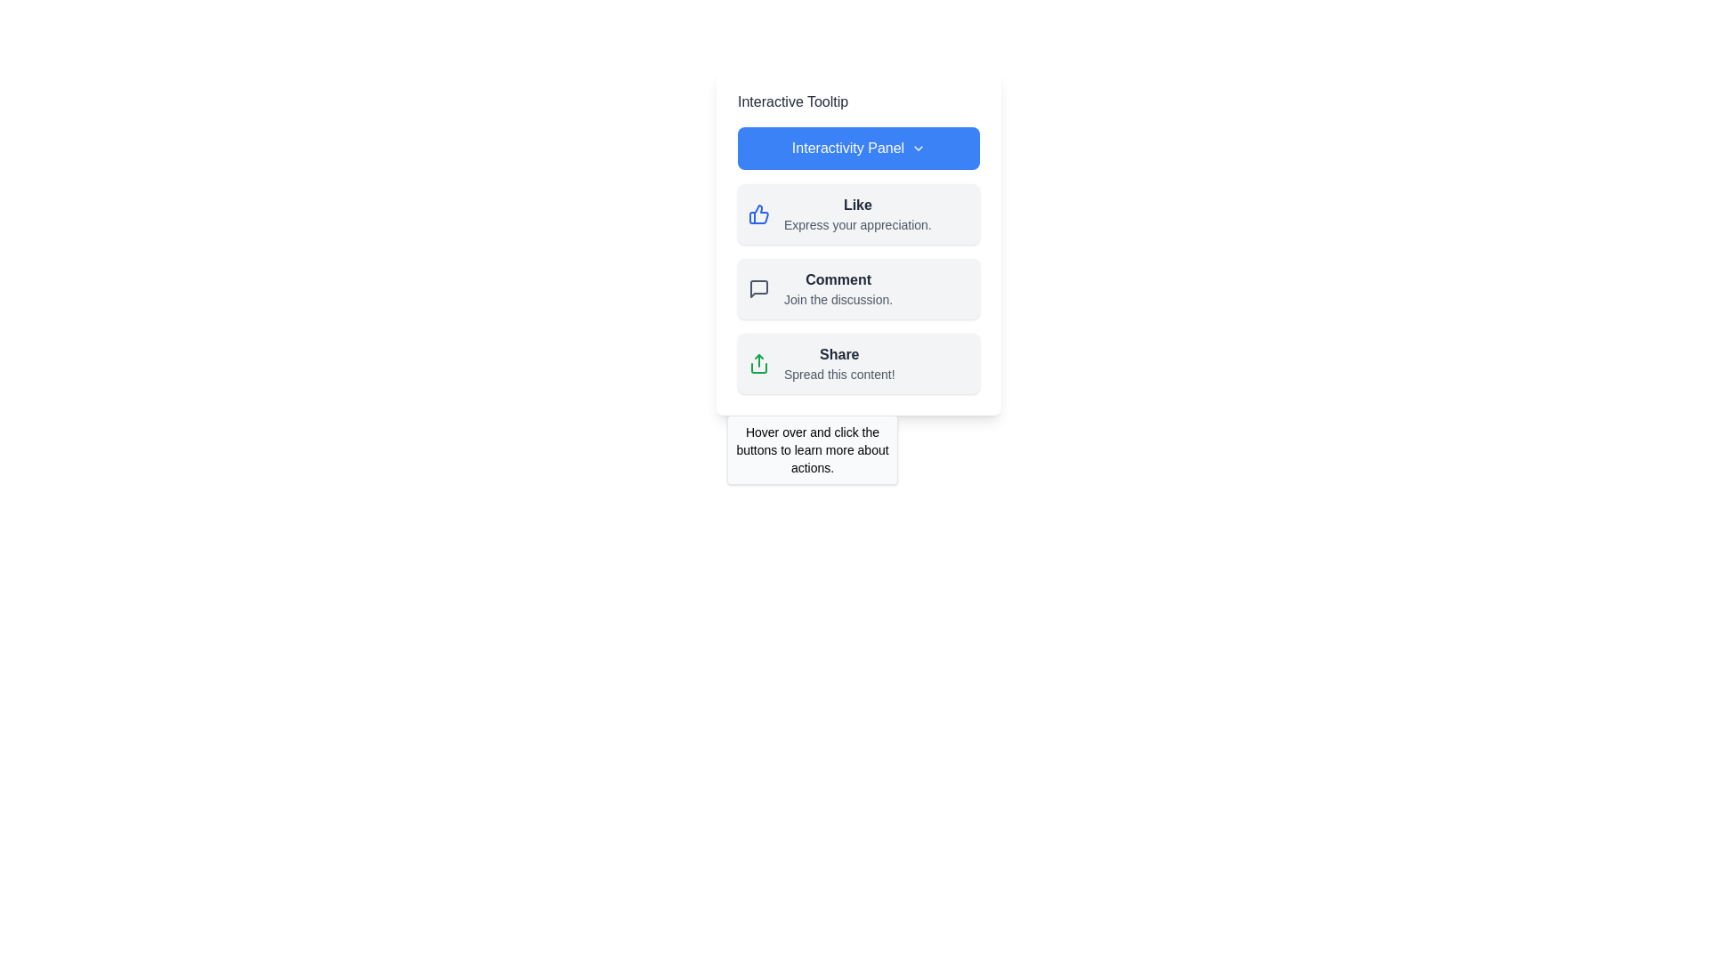 Image resolution: width=1709 pixels, height=961 pixels. Describe the element at coordinates (857, 213) in the screenshot. I see `the first interactive row in the vertically-stacked list of options` at that location.